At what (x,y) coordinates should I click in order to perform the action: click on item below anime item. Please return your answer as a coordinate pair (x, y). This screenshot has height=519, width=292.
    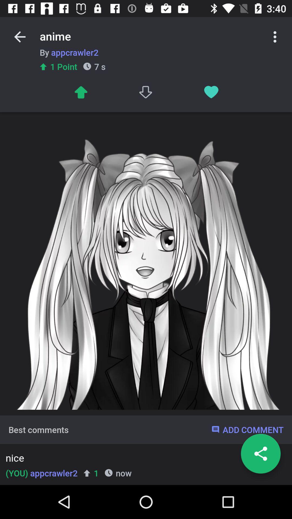
    Looking at the image, I should click on (69, 52).